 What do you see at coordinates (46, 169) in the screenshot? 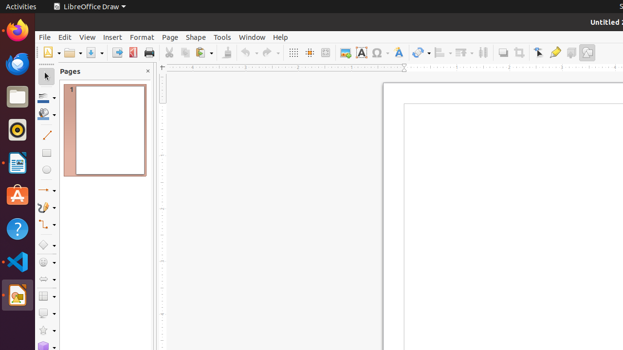
I see `'Ellipse'` at bounding box center [46, 169].